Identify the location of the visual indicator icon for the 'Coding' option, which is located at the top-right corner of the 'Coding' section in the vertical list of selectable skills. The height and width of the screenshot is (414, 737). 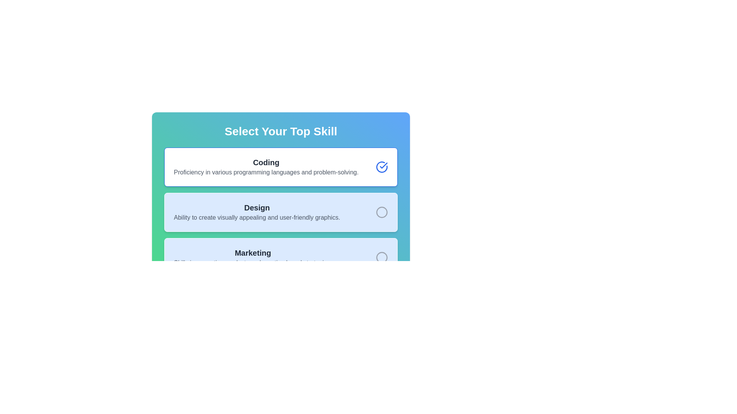
(382, 166).